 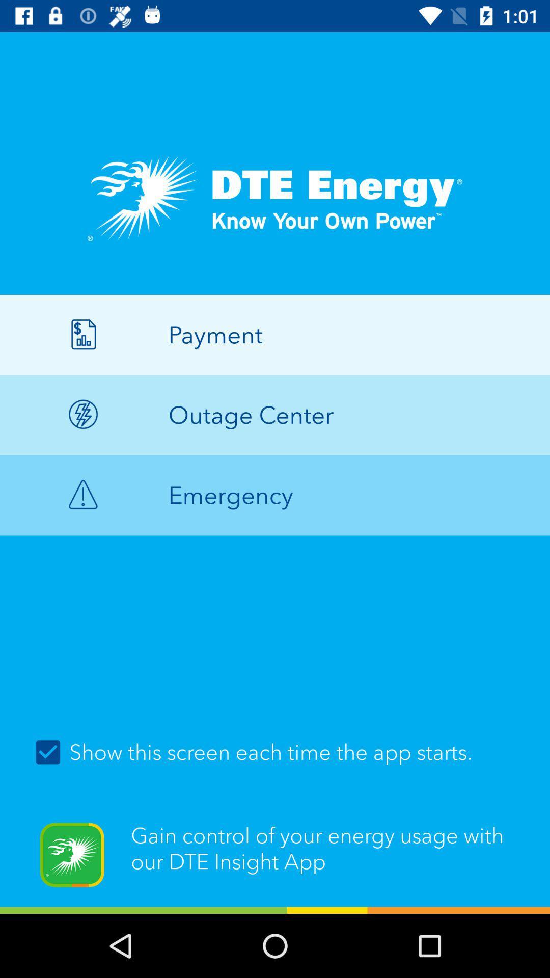 What do you see at coordinates (275, 495) in the screenshot?
I see `item above show this screen` at bounding box center [275, 495].